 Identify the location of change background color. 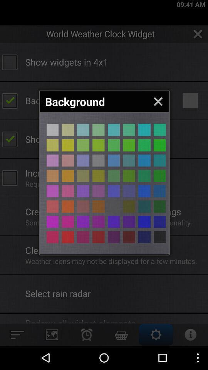
(98, 237).